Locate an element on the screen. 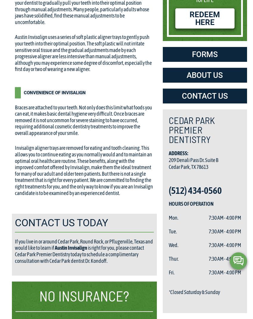 This screenshot has width=253, height=319. 'is right for you, please contact Cedar Park Premier Dentistry today to schedule a complimentary consultation with Cedar Park dentist Dr. Kondoff.' is located at coordinates (79, 254).